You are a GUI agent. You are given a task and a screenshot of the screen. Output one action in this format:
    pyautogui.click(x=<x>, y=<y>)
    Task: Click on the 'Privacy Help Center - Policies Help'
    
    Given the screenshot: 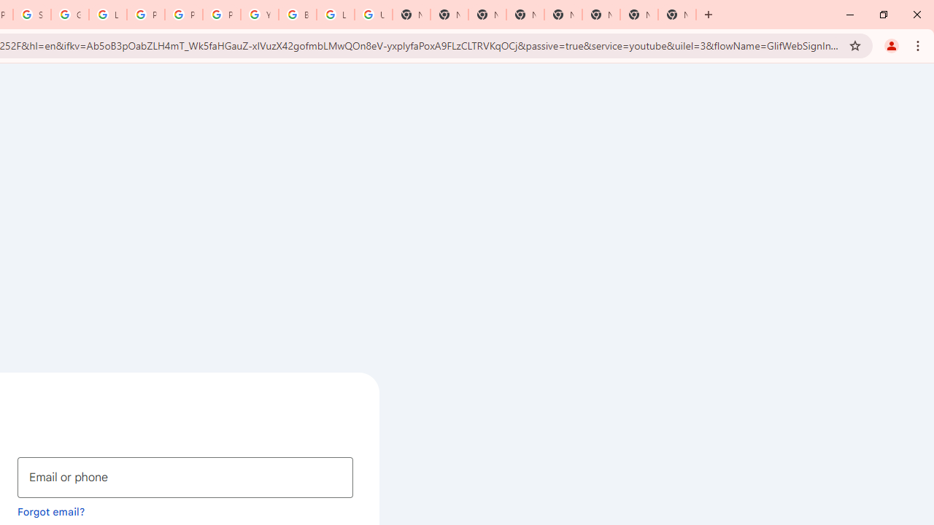 What is the action you would take?
    pyautogui.click(x=146, y=15)
    